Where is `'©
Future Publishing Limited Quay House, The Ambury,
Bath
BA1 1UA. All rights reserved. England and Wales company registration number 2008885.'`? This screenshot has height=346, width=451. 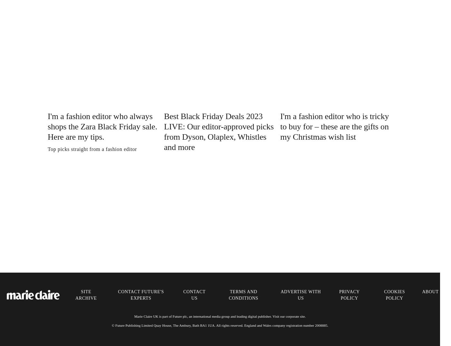
'©
Future Publishing Limited Quay House, The Ambury,
Bath
BA1 1UA. All rights reserved. England and Wales company registration number 2008885.' is located at coordinates (220, 324).